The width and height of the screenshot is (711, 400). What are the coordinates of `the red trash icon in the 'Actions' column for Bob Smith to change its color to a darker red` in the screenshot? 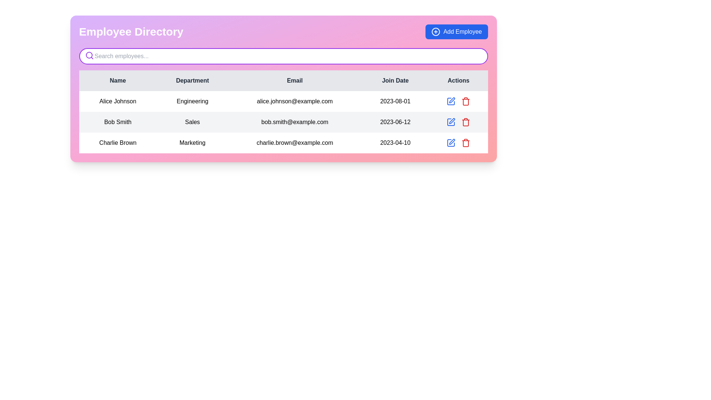 It's located at (465, 101).